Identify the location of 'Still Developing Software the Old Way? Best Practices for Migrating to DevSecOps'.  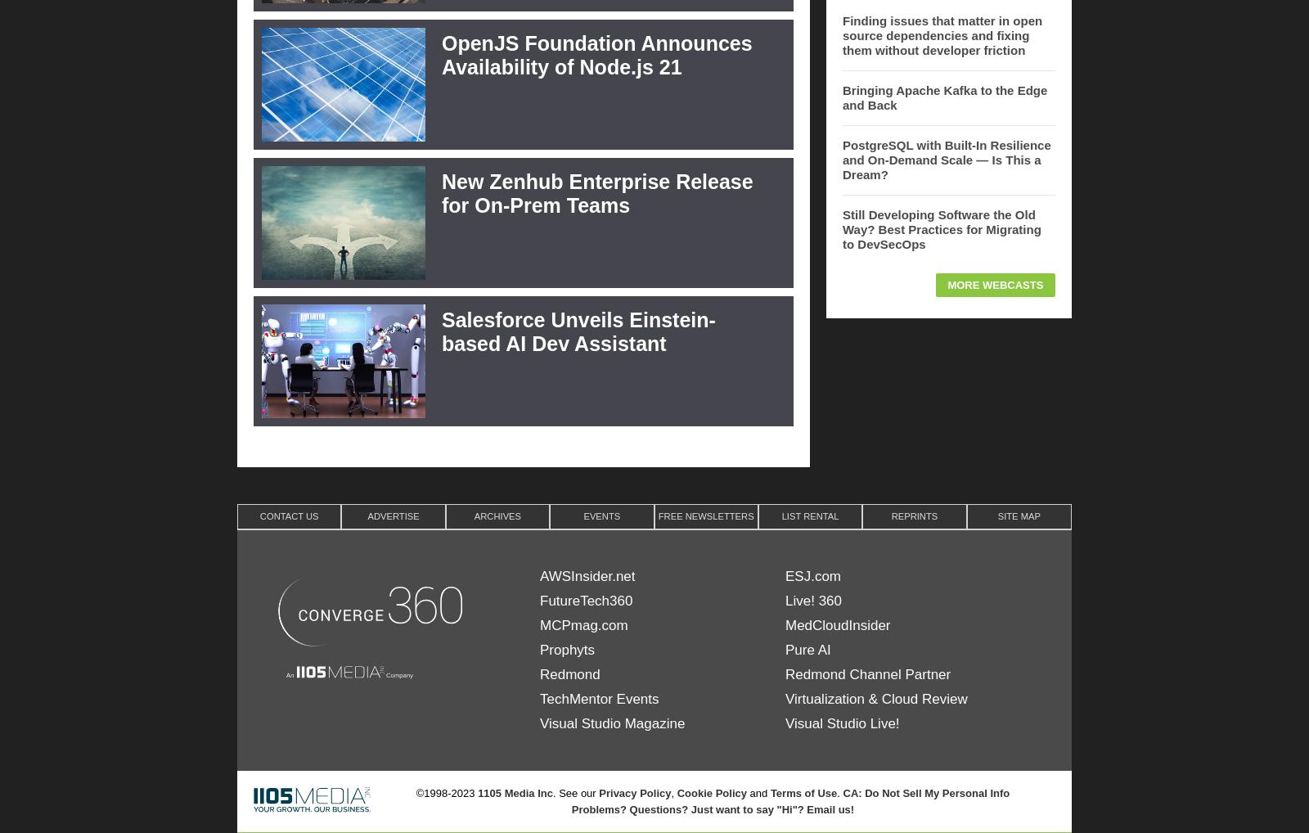
(942, 228).